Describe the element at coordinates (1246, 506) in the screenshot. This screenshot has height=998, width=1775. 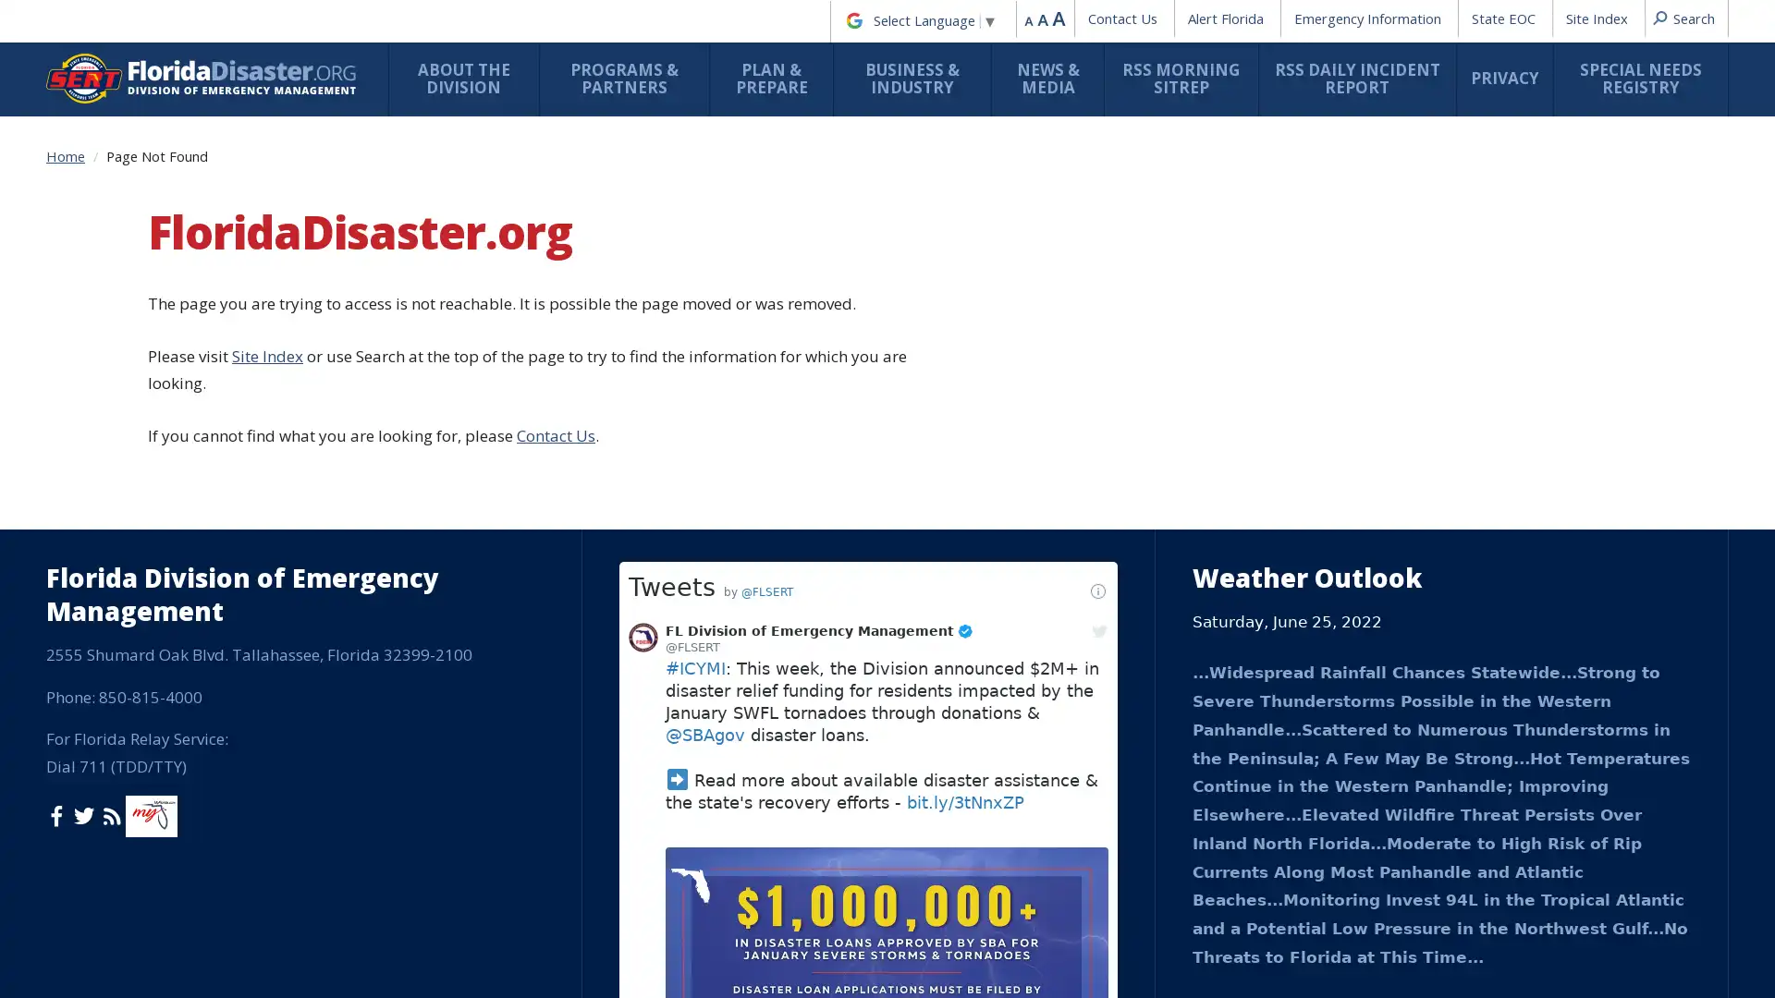
I see `Toggle More` at that location.